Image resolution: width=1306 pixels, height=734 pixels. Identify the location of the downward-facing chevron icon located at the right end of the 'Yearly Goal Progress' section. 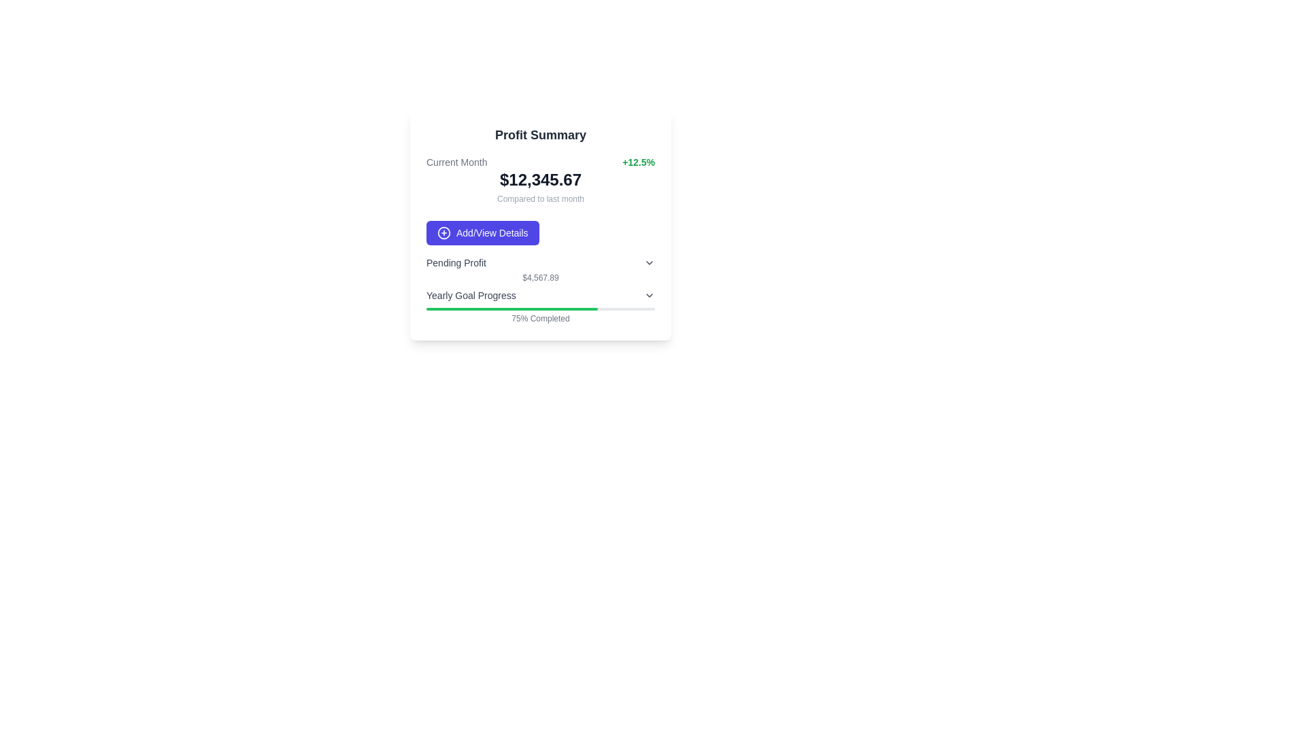
(649, 295).